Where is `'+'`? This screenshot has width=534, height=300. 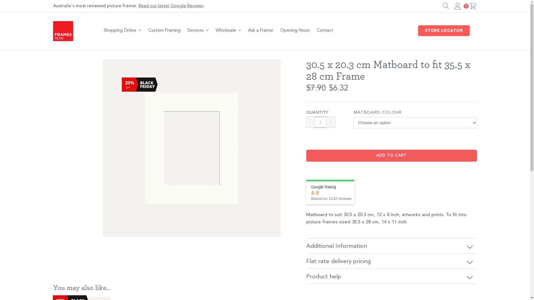
'+' is located at coordinates (326, 122).